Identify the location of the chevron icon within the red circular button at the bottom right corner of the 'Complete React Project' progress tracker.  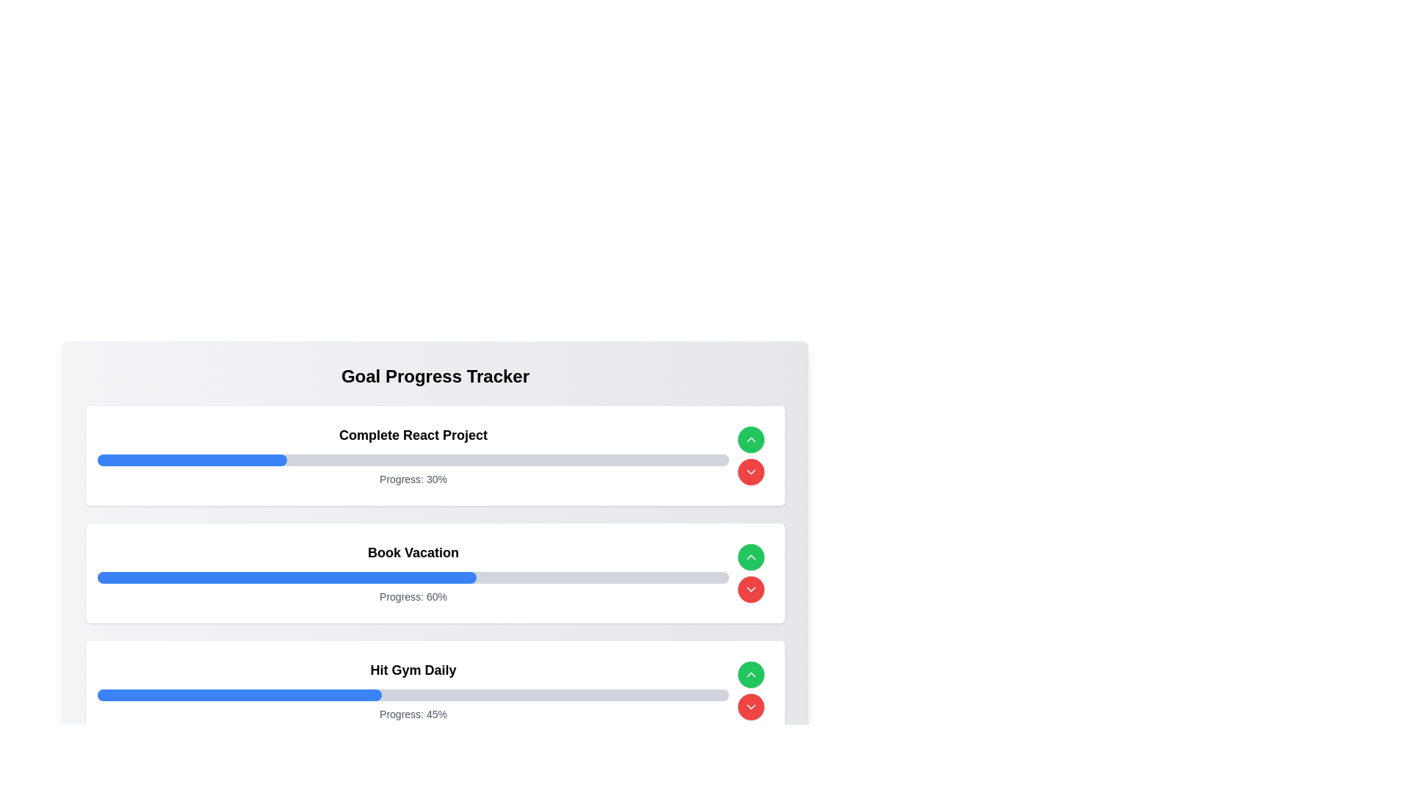
(751, 588).